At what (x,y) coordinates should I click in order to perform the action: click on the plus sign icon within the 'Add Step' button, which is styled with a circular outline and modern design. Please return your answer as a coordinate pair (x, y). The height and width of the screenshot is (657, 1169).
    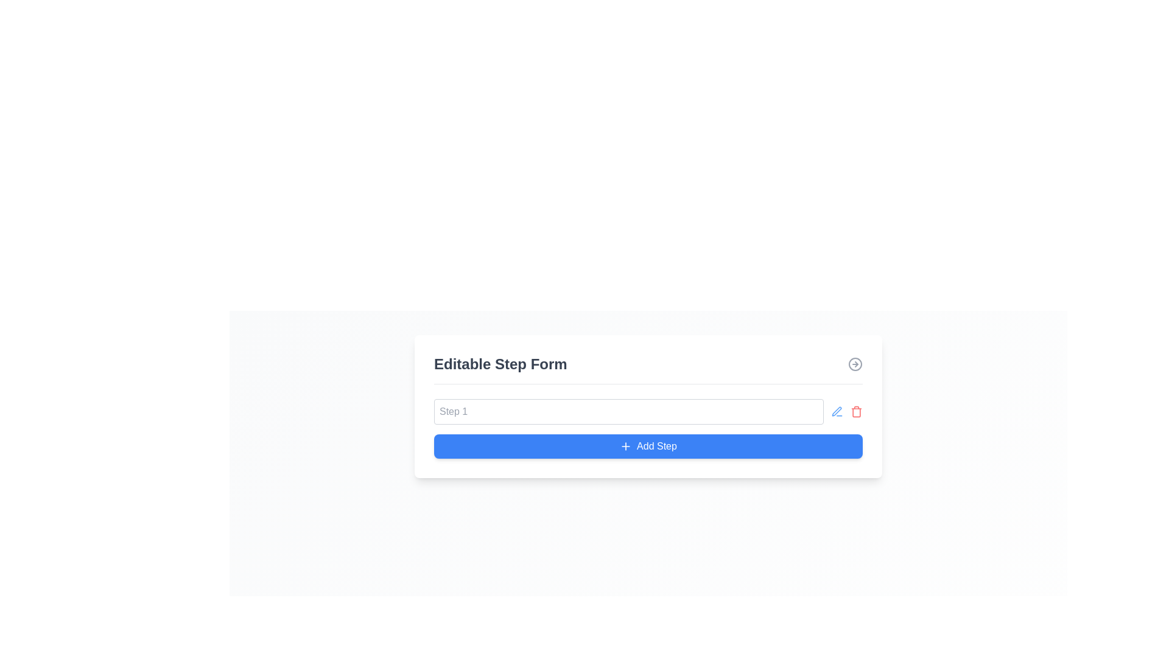
    Looking at the image, I should click on (626, 446).